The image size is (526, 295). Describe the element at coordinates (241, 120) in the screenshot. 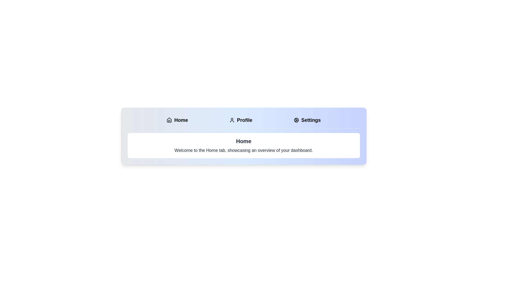

I see `the 'Profile' menu option button, which is the second item in the navigation menu and features a user icon to its left` at that location.